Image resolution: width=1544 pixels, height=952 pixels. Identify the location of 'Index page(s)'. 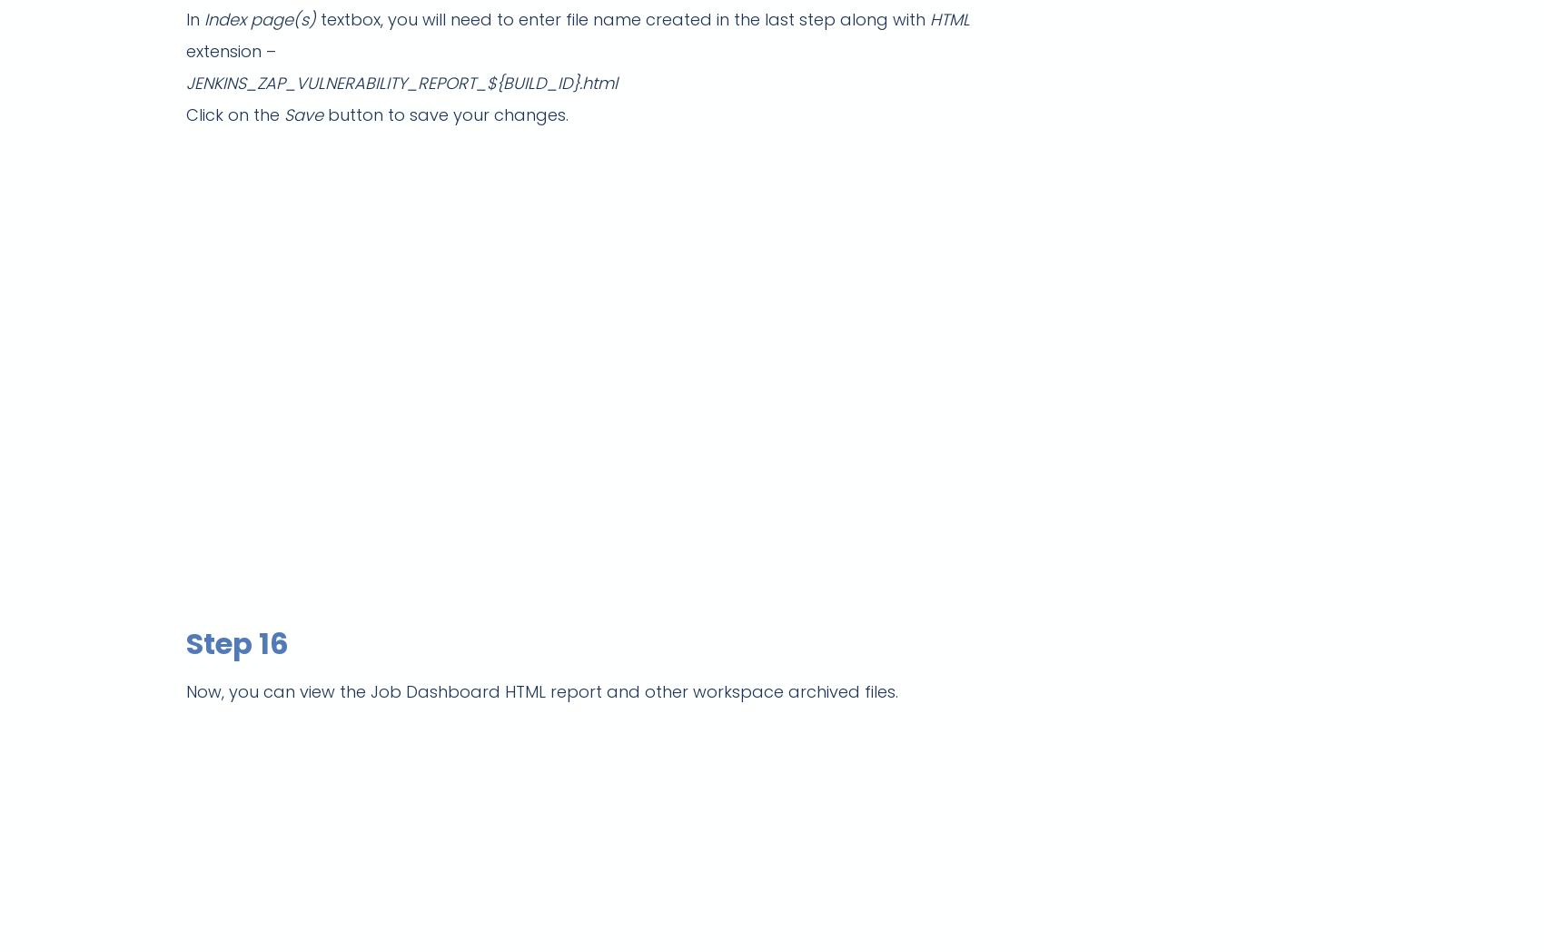
(260, 18).